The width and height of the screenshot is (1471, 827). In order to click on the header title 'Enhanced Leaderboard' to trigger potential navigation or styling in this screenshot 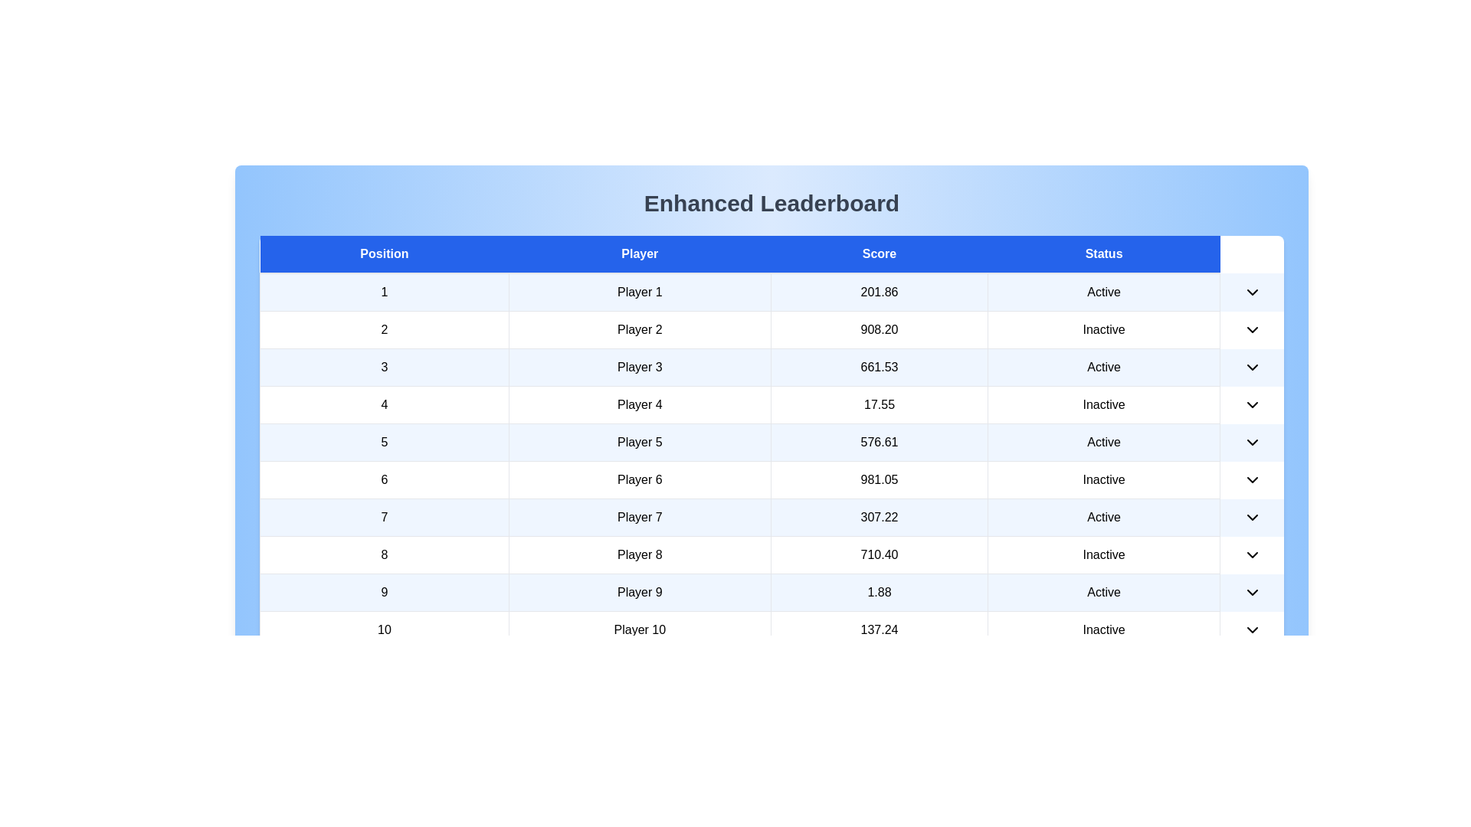, I will do `click(772, 203)`.